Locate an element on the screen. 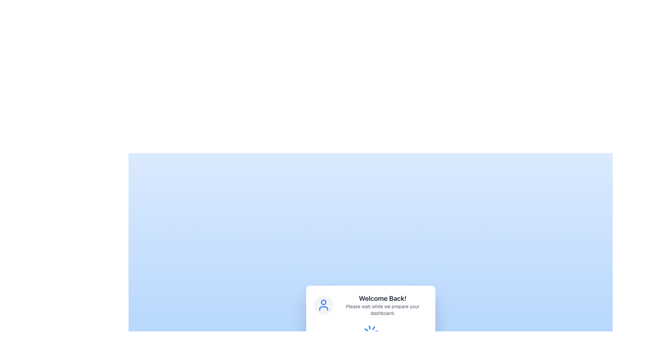 The image size is (646, 363). the Text Display element that serves as an introductory informational message welcoming the user and indicating that their dashboard is being prepared is located at coordinates (383, 305).